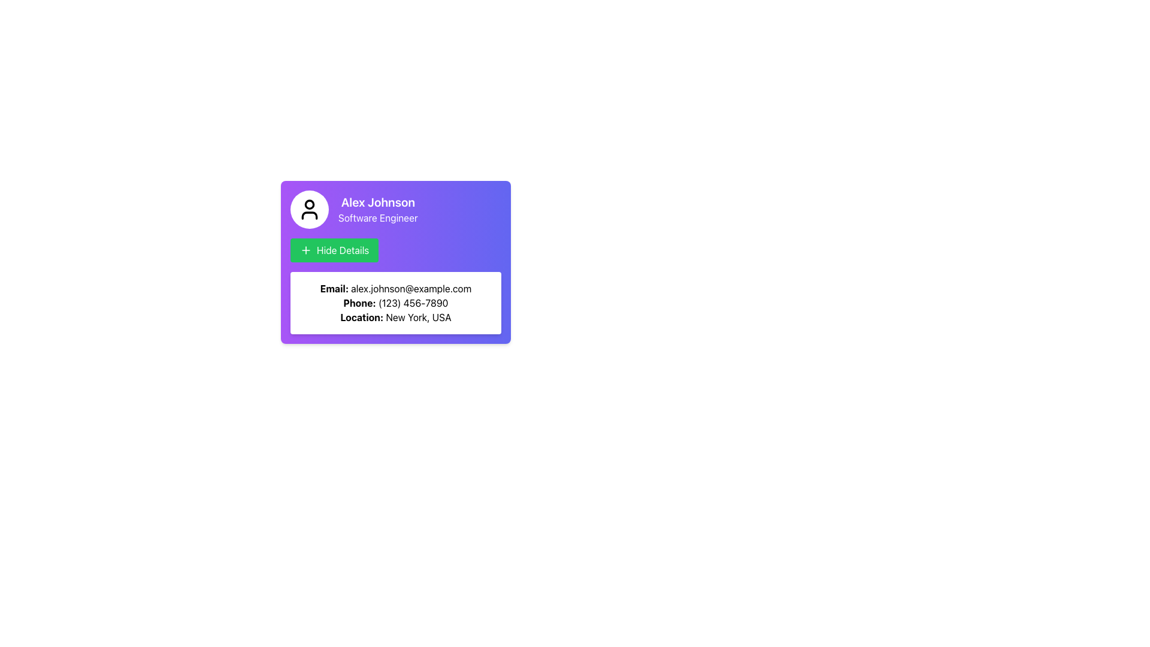 The width and height of the screenshot is (1150, 647). I want to click on the button that toggles the visibility of additional information related to 'Alex Johnson' to trigger a visual effect, so click(334, 249).